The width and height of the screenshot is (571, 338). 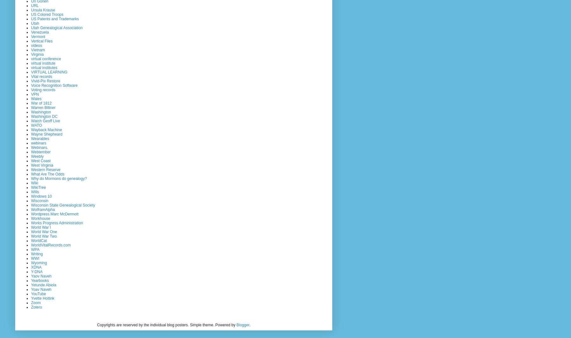 What do you see at coordinates (43, 284) in the screenshot?
I see `'Yetunde Abiola'` at bounding box center [43, 284].